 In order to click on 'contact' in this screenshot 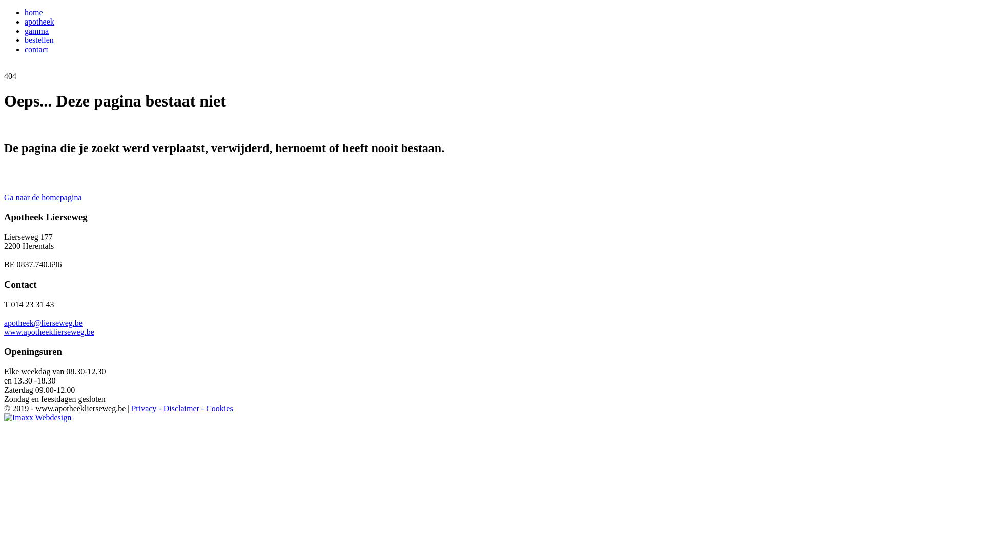, I will do `click(36, 49)`.